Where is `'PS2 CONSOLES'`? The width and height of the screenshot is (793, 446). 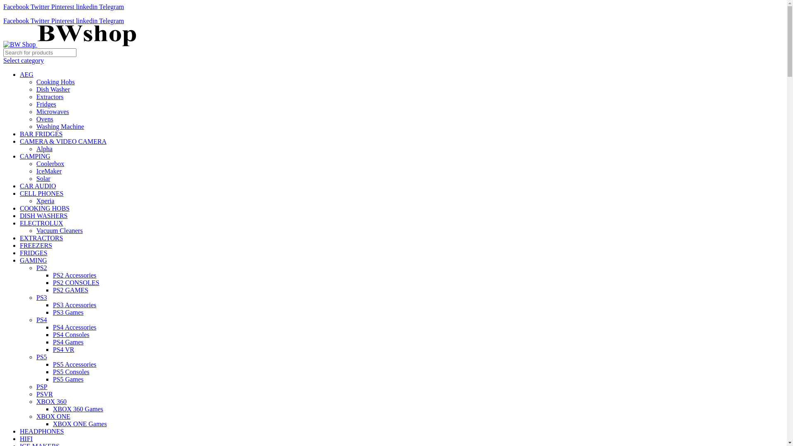
'PS2 CONSOLES' is located at coordinates (76, 282).